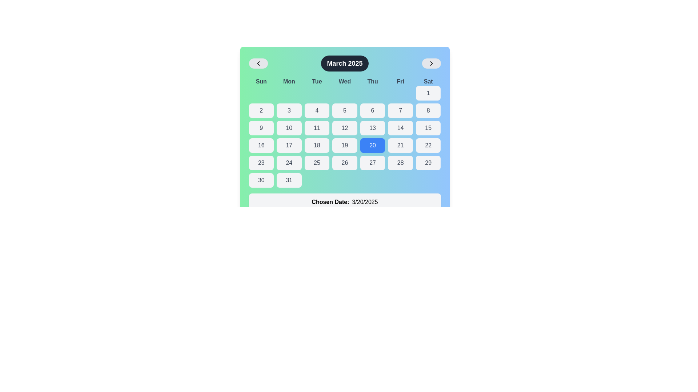 The height and width of the screenshot is (392, 698). I want to click on the small, rounded rectangular button with a left-pointing arrow icon located, so click(258, 63).